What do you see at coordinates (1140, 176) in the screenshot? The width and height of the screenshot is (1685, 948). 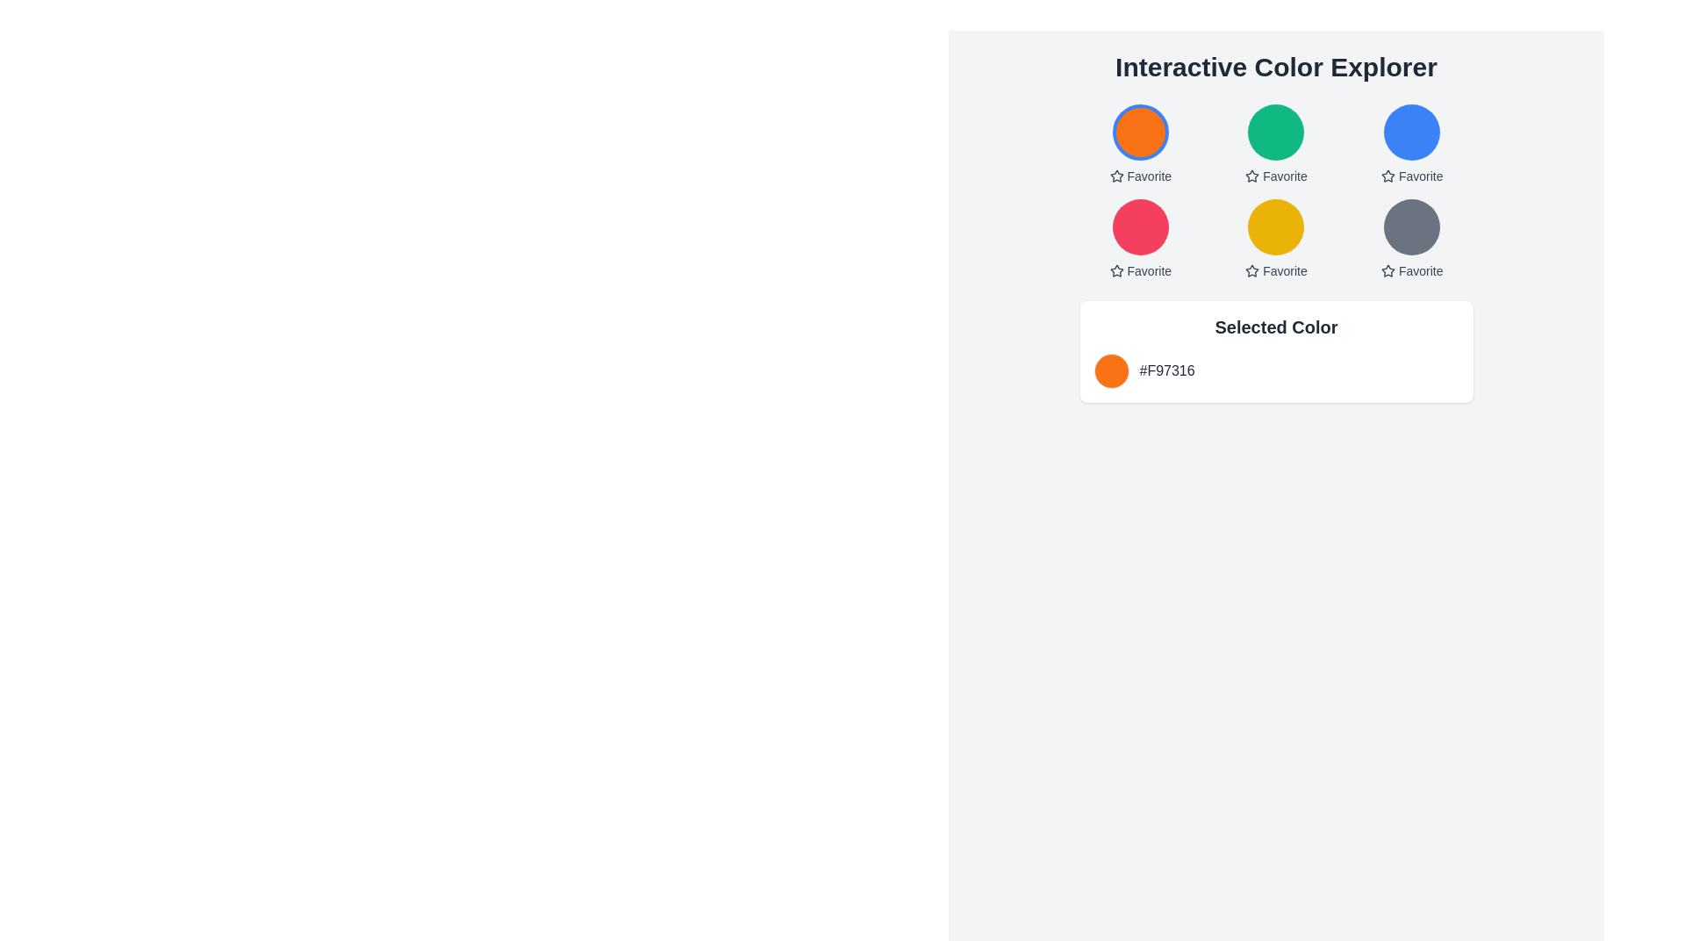 I see `the 'Favorite' button with an outlined star icon and gray text located below the orange circular color indicator in the first column of the color selection grid` at bounding box center [1140, 176].